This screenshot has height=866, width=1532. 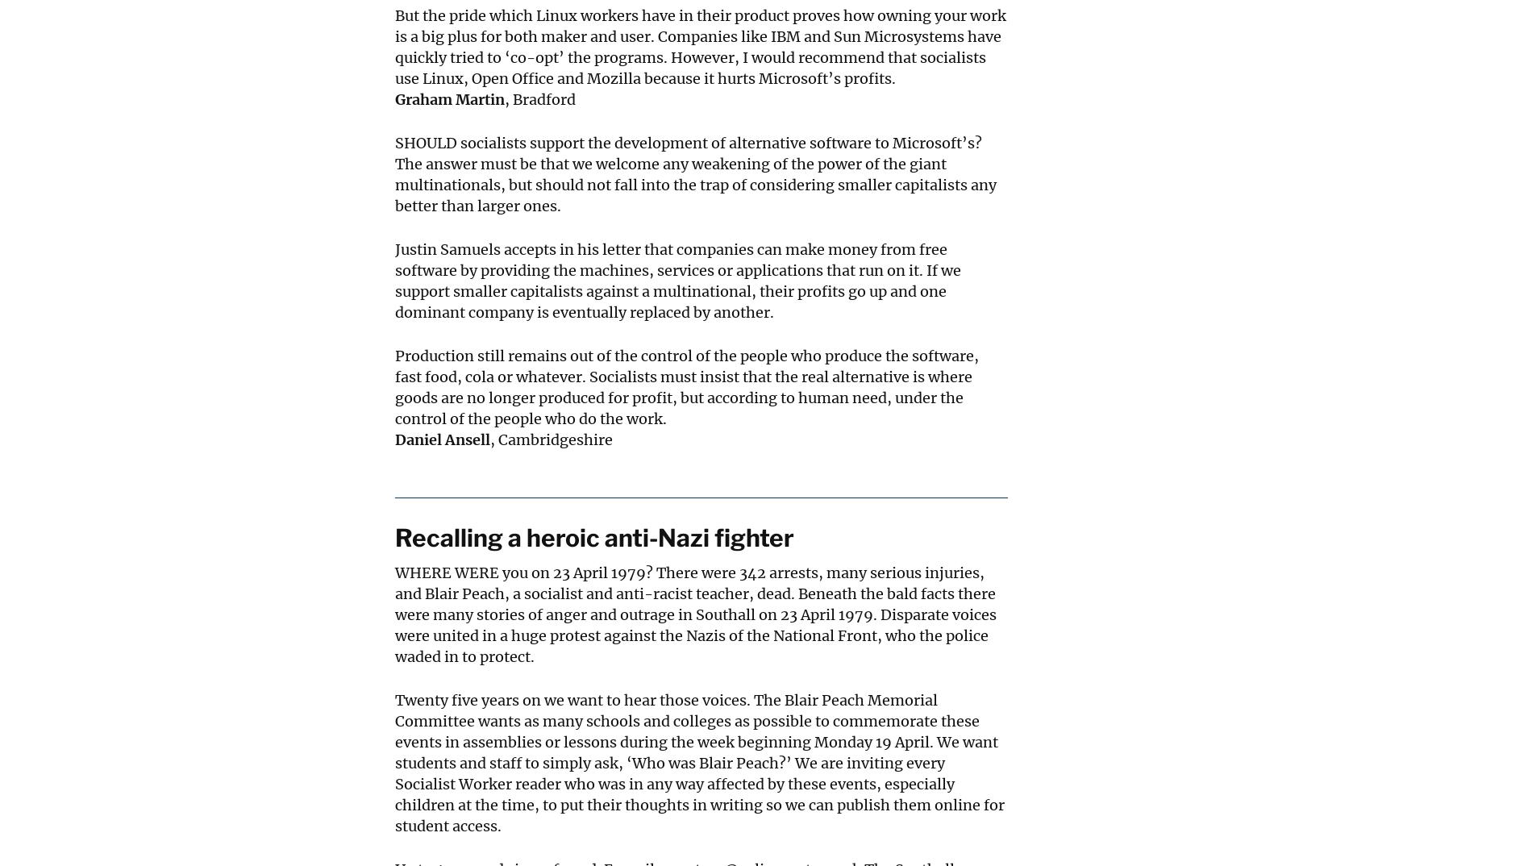 What do you see at coordinates (593, 536) in the screenshot?
I see `'Recalling a heroic anti-Nazi fighter'` at bounding box center [593, 536].